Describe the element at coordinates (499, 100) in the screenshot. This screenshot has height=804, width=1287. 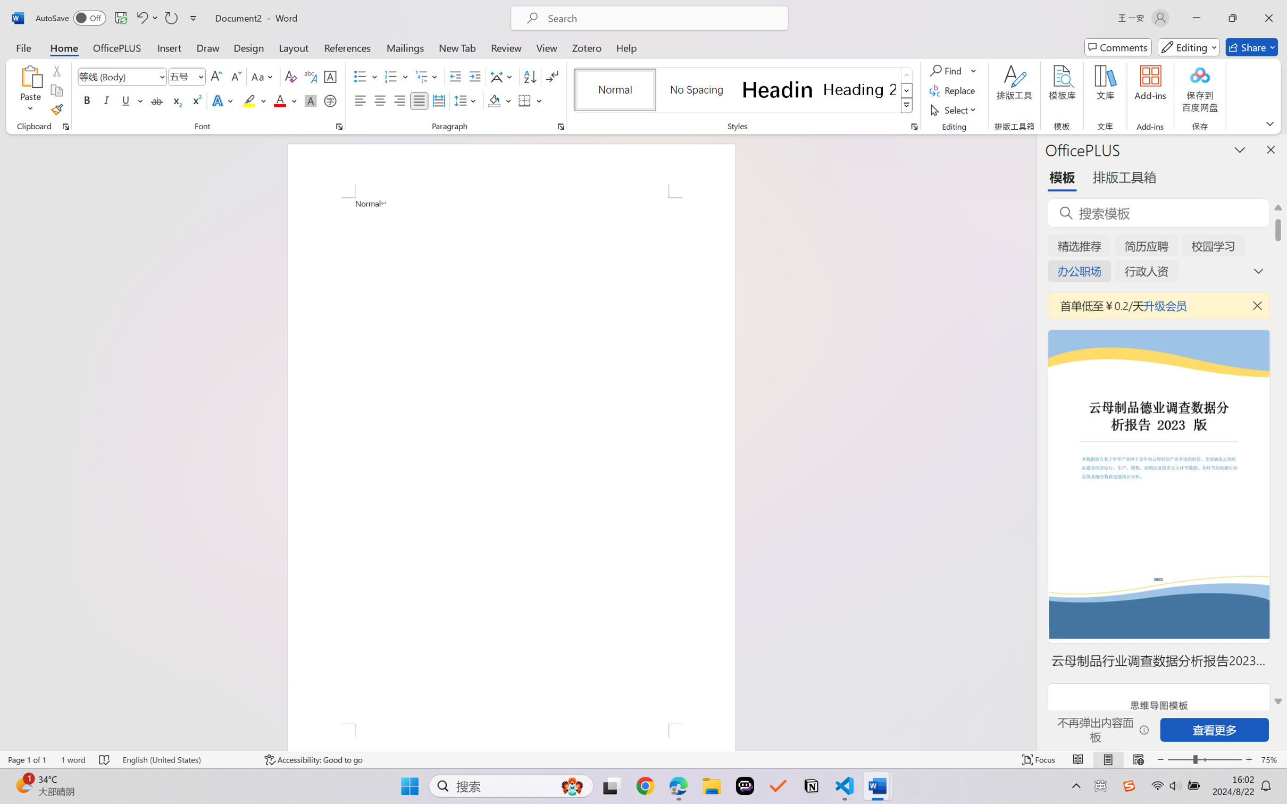
I see `'Shading'` at that location.